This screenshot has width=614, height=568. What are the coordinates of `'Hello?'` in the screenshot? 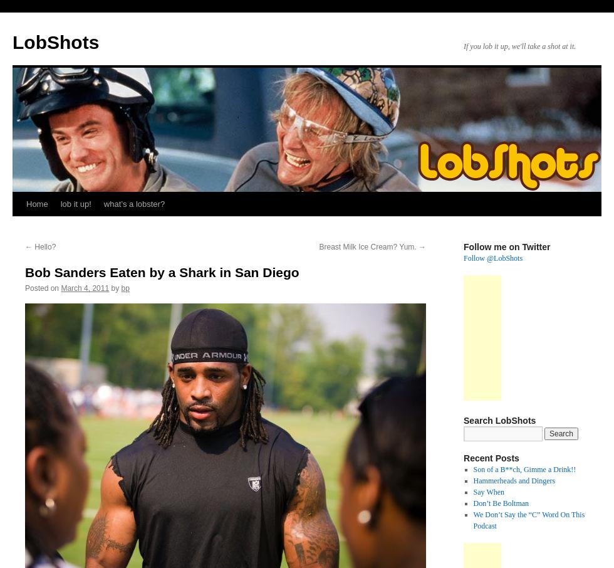 It's located at (33, 246).